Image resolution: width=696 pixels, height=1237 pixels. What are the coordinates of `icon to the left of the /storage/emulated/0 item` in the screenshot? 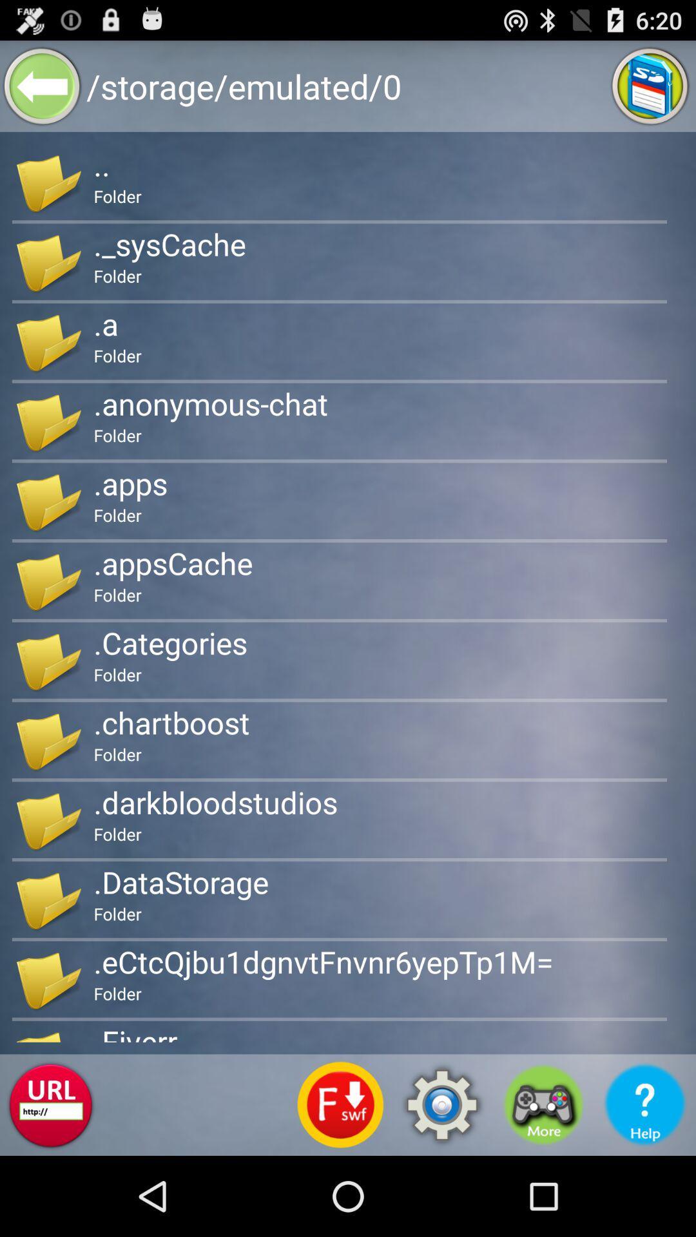 It's located at (41, 85).